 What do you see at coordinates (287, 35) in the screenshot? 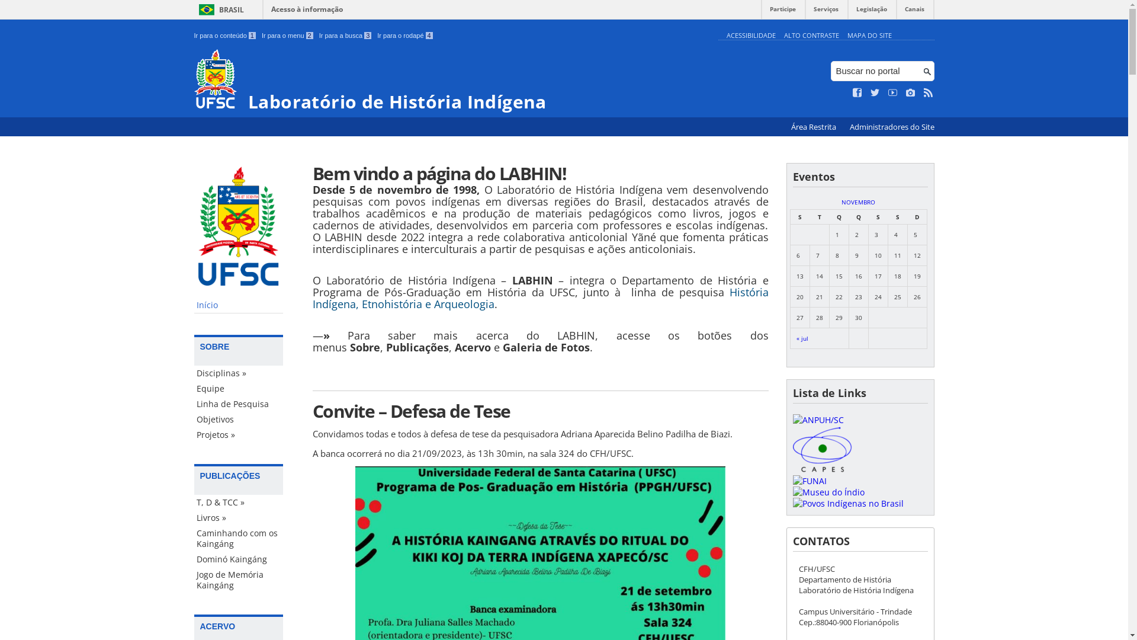
I see `'Ir para o menu 2'` at bounding box center [287, 35].